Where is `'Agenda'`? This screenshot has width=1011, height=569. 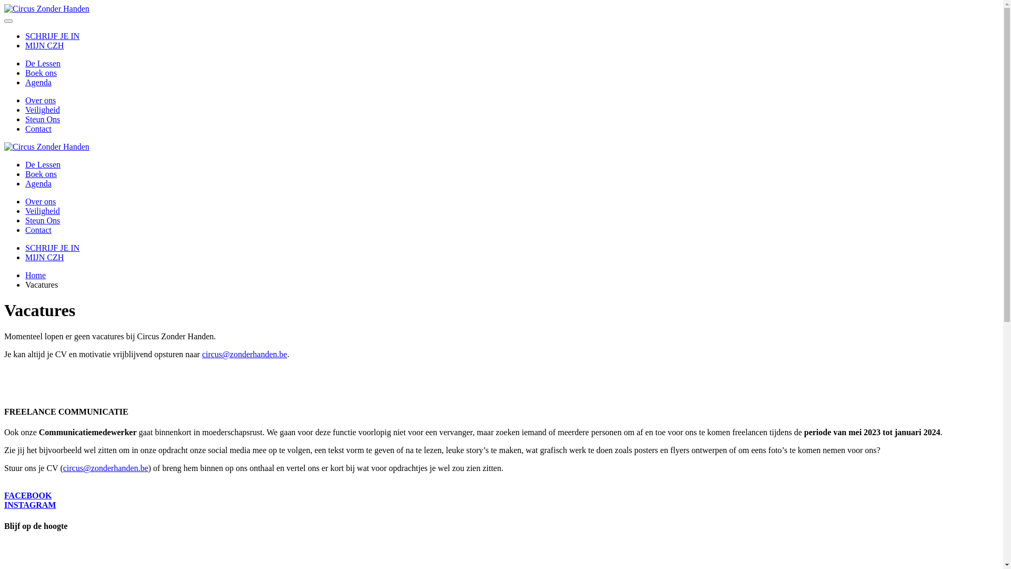 'Agenda' is located at coordinates (38, 183).